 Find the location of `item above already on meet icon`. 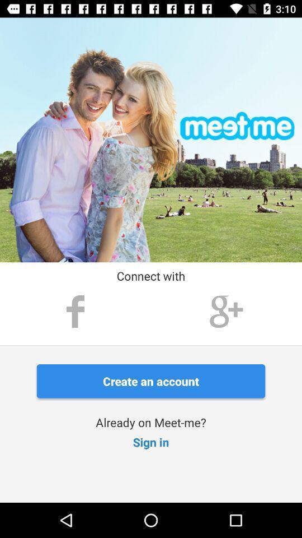

item above already on meet icon is located at coordinates (151, 381).